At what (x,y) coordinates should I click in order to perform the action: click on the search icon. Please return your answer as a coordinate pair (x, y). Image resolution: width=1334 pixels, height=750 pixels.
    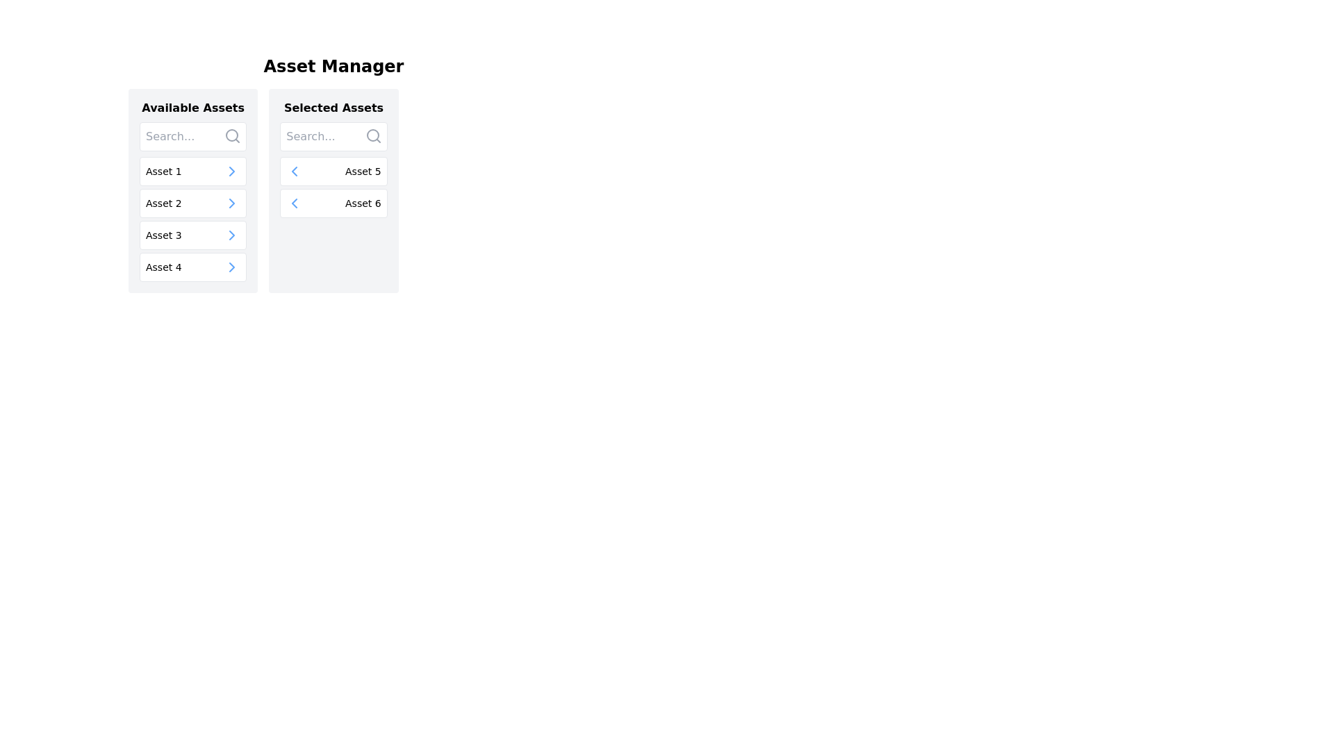
    Looking at the image, I should click on (233, 136).